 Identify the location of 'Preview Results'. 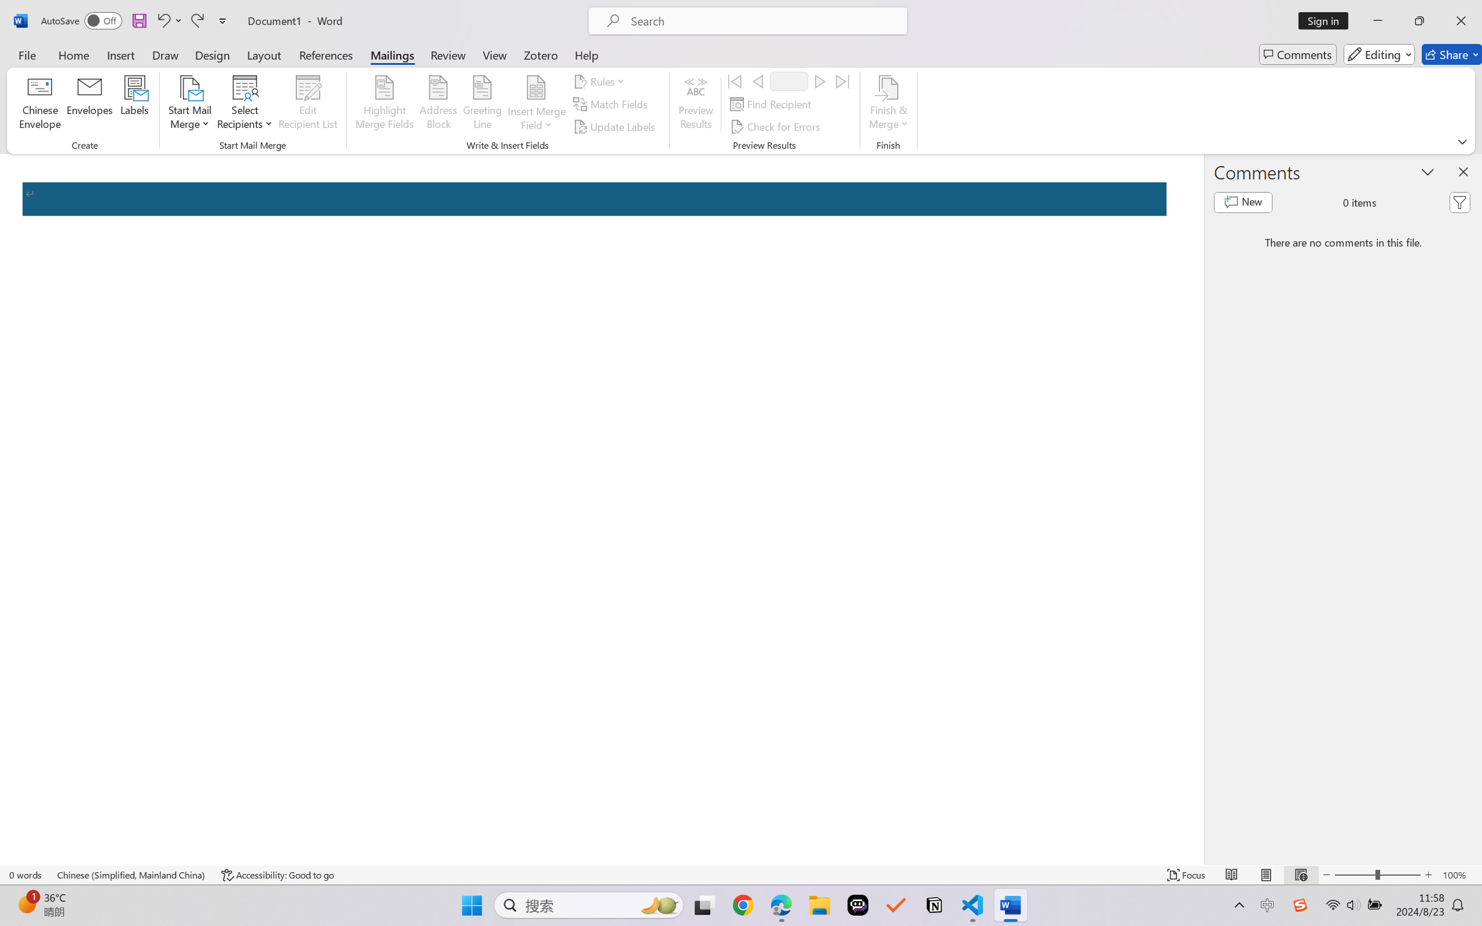
(696, 104).